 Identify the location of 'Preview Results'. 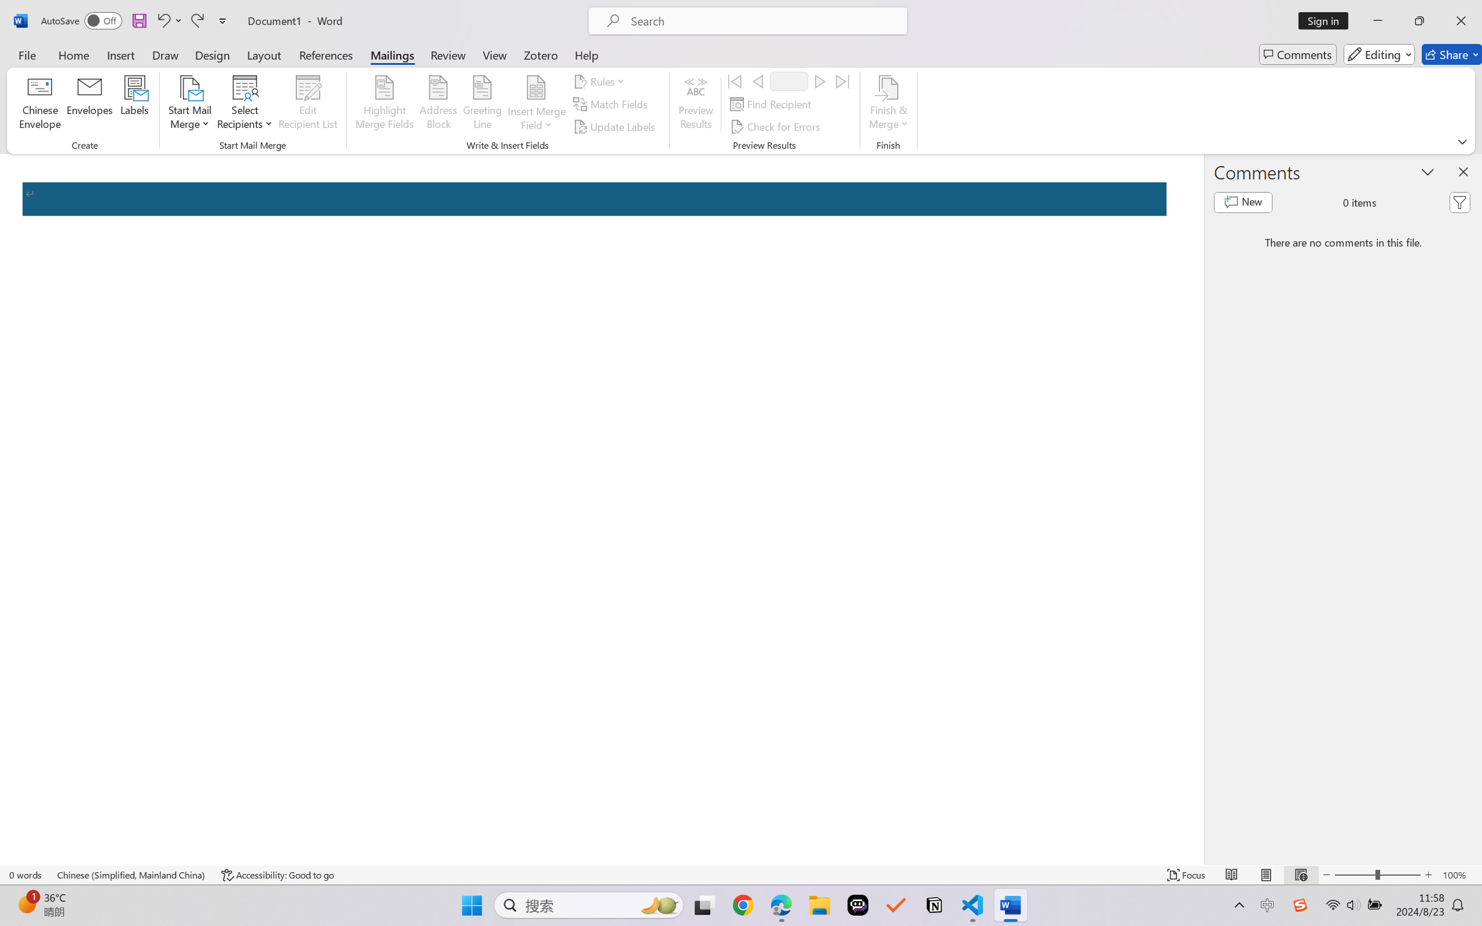
(696, 104).